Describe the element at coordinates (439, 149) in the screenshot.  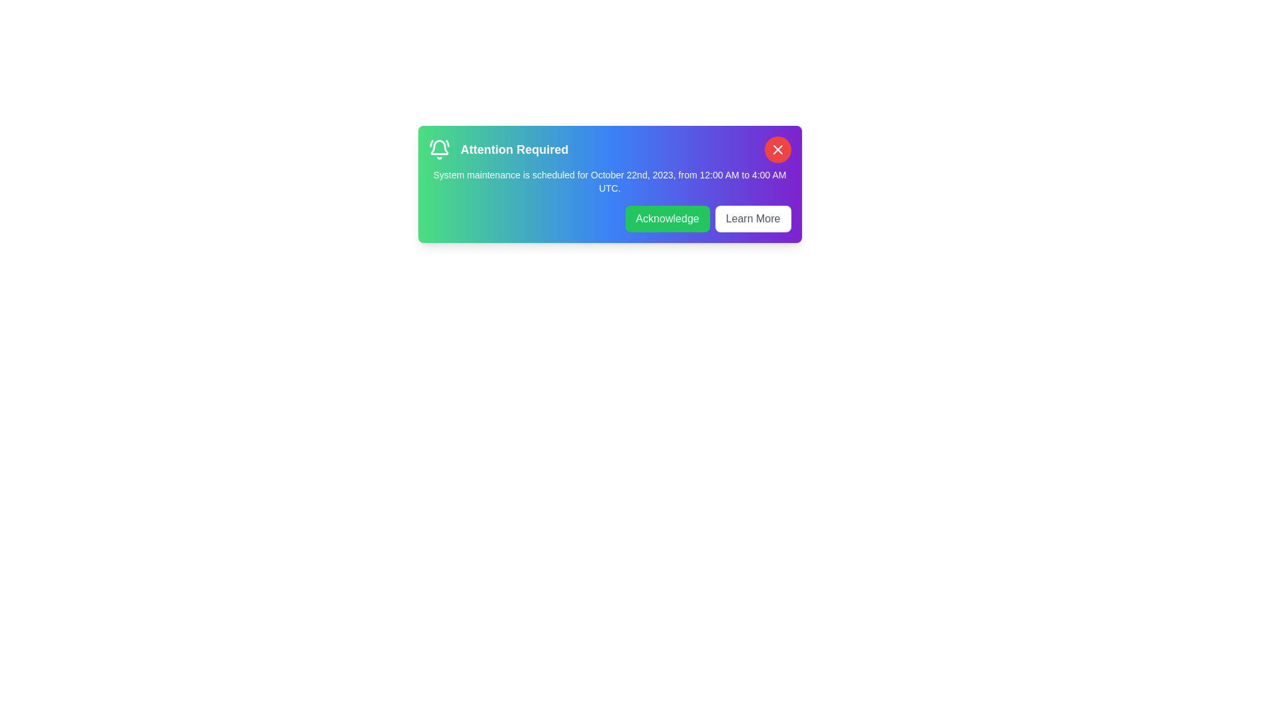
I see `the bell icon to interact with it` at that location.